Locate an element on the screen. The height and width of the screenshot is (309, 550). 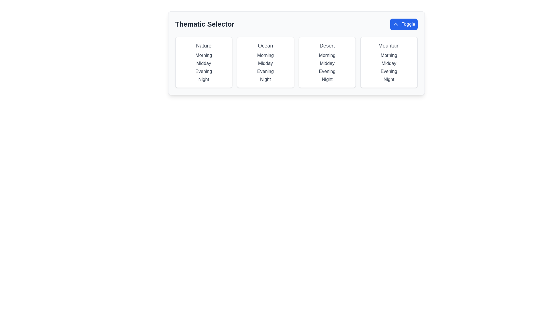
the text label reading 'Thematic Selector', which is styled in bold and larger than typical body text, located on the left side of the header before the 'Toggle' button is located at coordinates (205, 24).